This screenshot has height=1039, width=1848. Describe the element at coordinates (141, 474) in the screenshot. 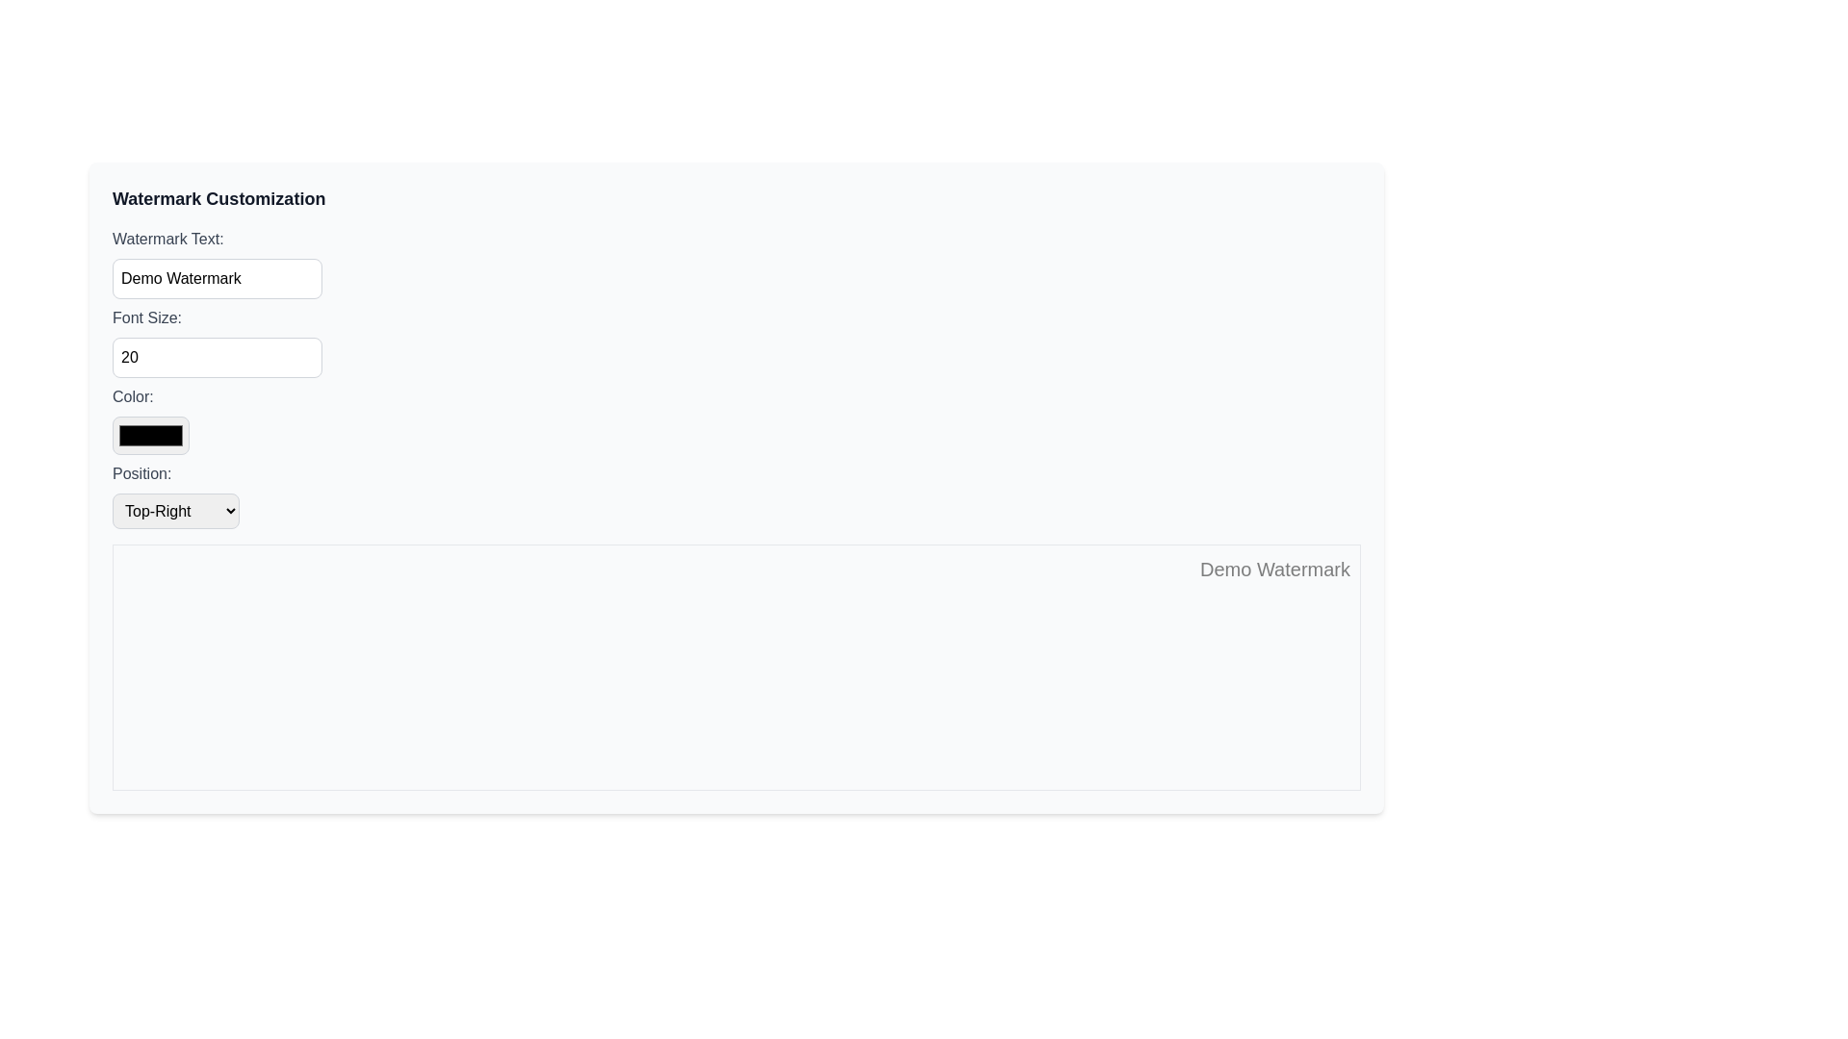

I see `the static text label indicating the purpose of the dropdown menu for selecting the watermark's position, situated between the 'Color:' label and the dropdown menu` at that location.